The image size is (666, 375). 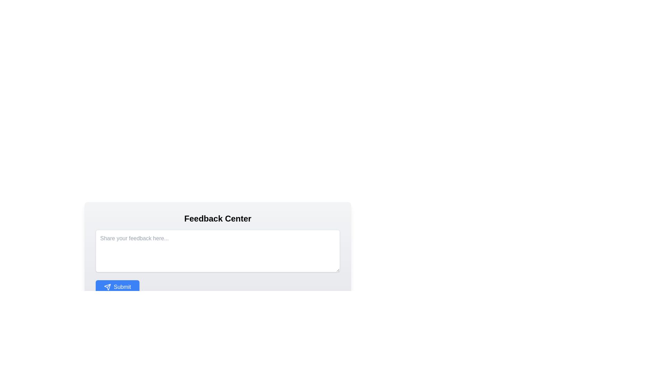 I want to click on the submission button located below the text input field in the Feedback Center, so click(x=117, y=287).